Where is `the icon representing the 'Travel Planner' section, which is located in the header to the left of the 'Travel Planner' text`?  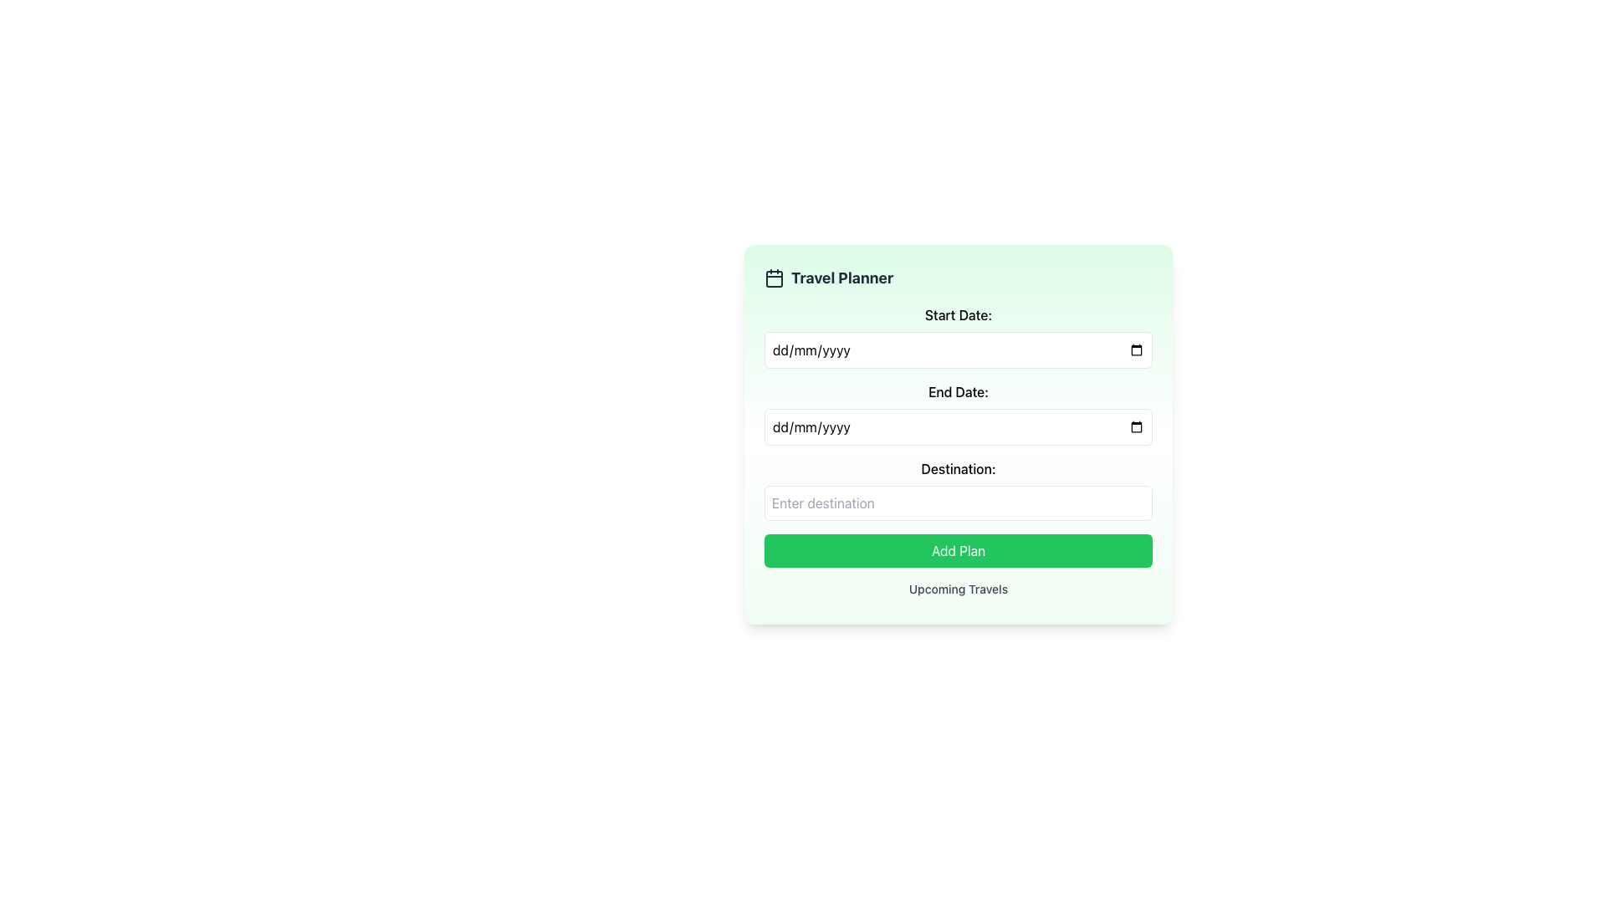 the icon representing the 'Travel Planner' section, which is located in the header to the left of the 'Travel Planner' text is located at coordinates (774, 277).